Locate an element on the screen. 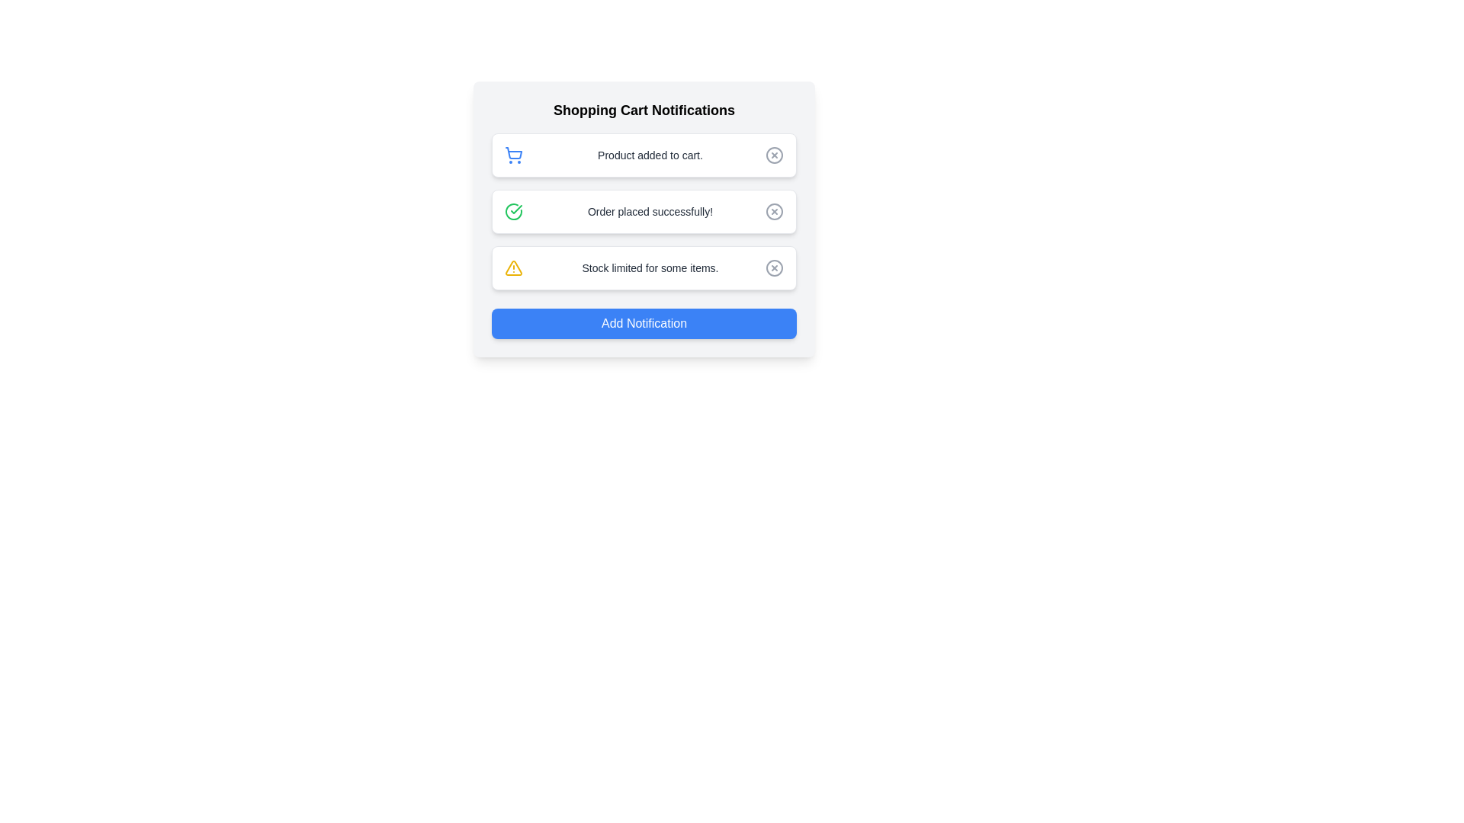  the green circular icon with a white checkmark located in the notification card labeled 'Order placed successfully!' is located at coordinates (513, 211).